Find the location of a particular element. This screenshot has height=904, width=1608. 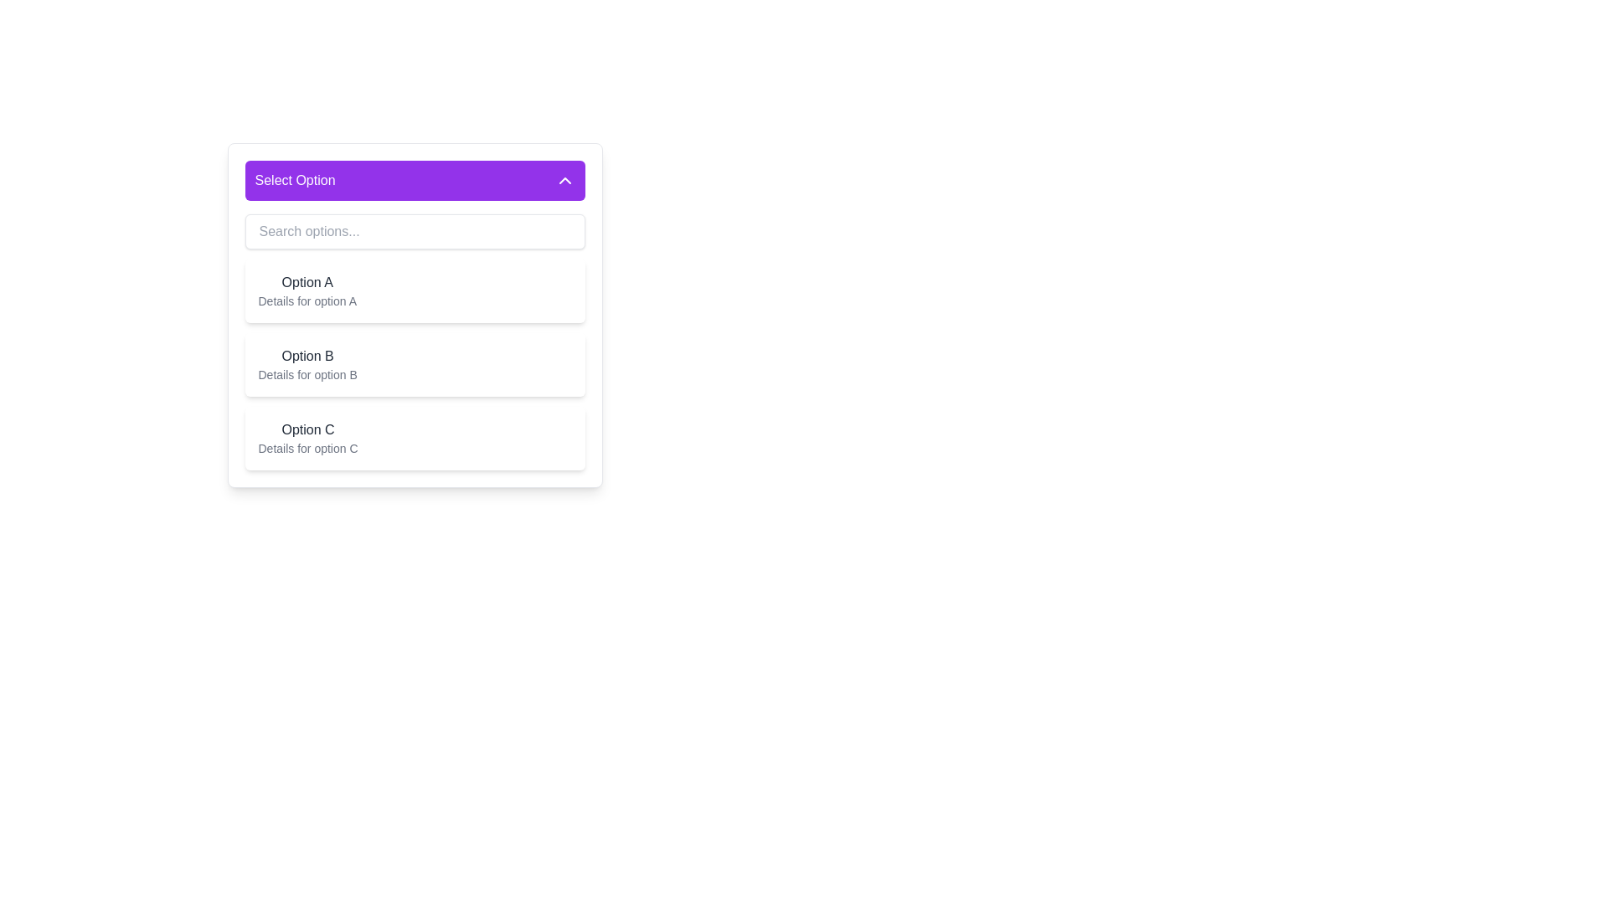

the text label 'Option C' which is part of a selectable option list in a dropdown menu is located at coordinates (308, 429).